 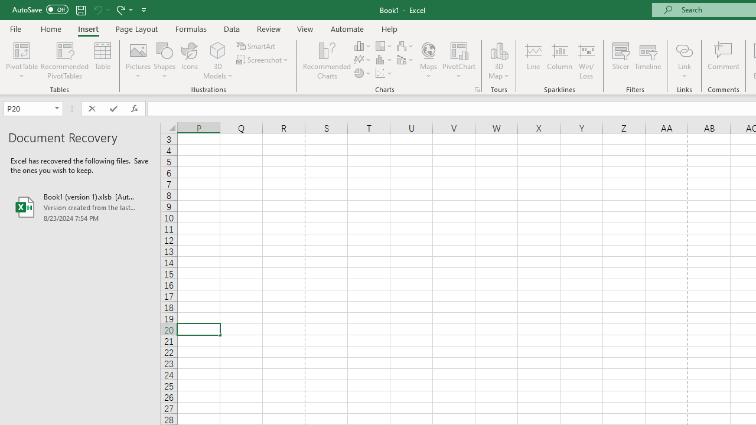 What do you see at coordinates (477, 89) in the screenshot?
I see `'Recommended Charts'` at bounding box center [477, 89].